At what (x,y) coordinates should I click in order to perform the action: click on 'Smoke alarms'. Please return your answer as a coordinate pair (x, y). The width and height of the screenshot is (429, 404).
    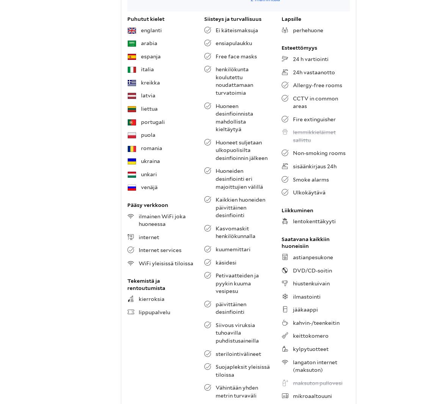
    Looking at the image, I should click on (293, 179).